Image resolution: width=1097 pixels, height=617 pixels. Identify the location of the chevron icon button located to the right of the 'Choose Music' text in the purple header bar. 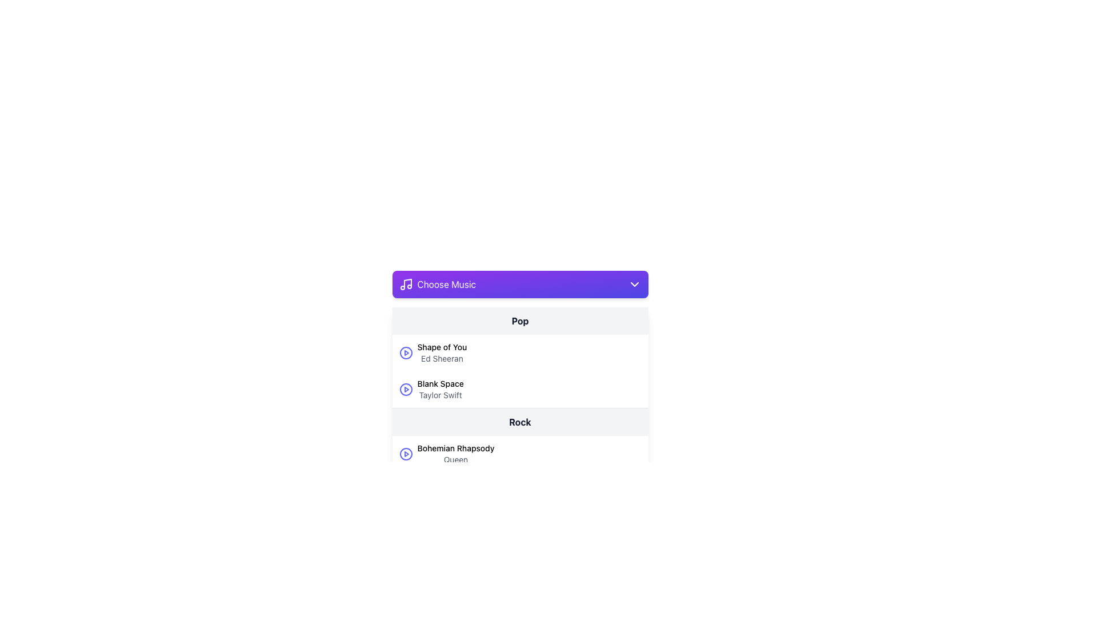
(634, 283).